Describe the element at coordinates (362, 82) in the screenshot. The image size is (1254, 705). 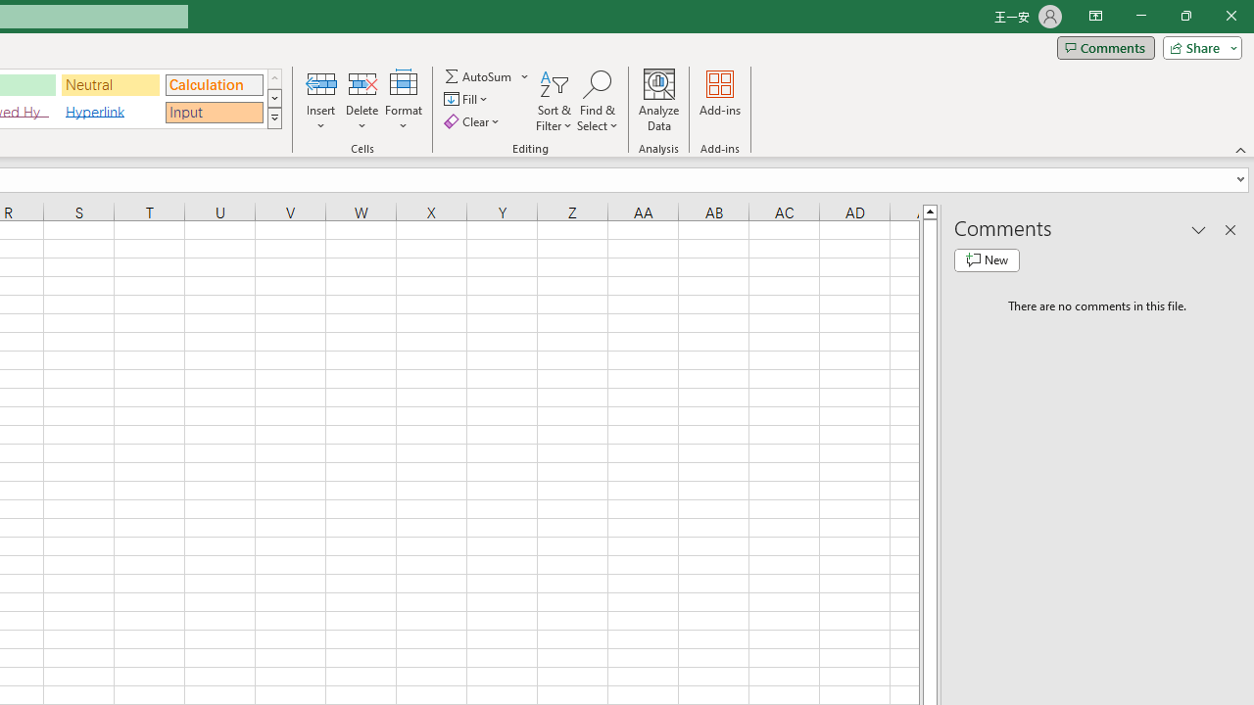
I see `'Delete Cells...'` at that location.